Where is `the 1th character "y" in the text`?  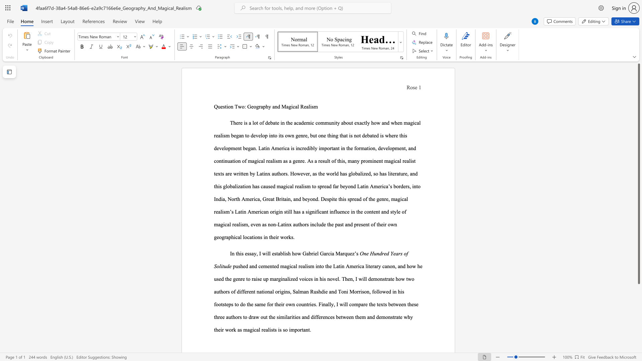
the 1th character "y" in the text is located at coordinates (270, 106).